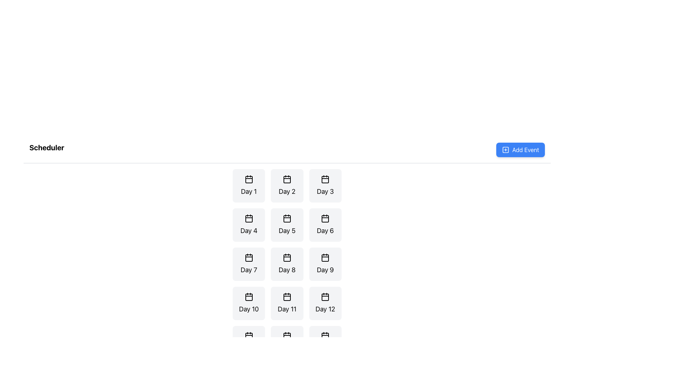 The image size is (697, 392). I want to click on the calendar icon located in the center of the fourth row and the second column of the grid layout, positioned directly above the text 'Day 8', so click(287, 257).